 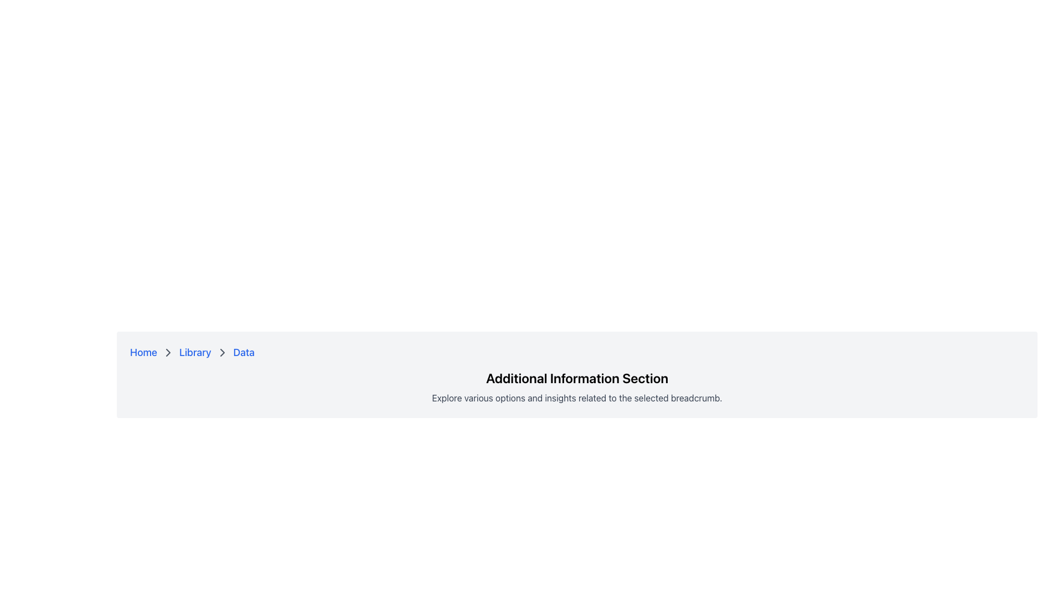 What do you see at coordinates (195, 352) in the screenshot?
I see `the 'Library' hyperlink in the breadcrumb navigation sequence` at bounding box center [195, 352].